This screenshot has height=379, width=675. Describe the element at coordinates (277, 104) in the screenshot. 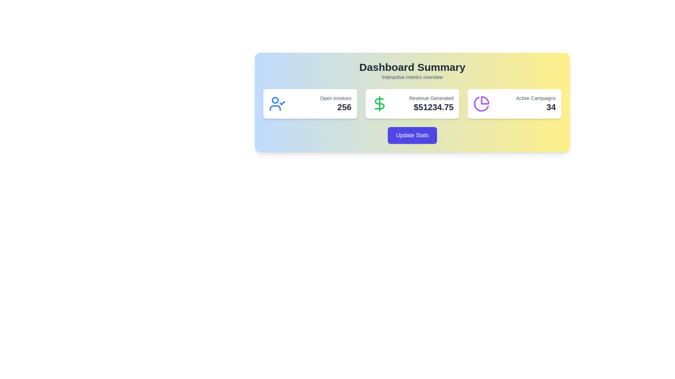

I see `user icon with a checkmark on the right, styled in blue, located on the left side of the 'Open Invoices' card in the dashboard summary` at that location.